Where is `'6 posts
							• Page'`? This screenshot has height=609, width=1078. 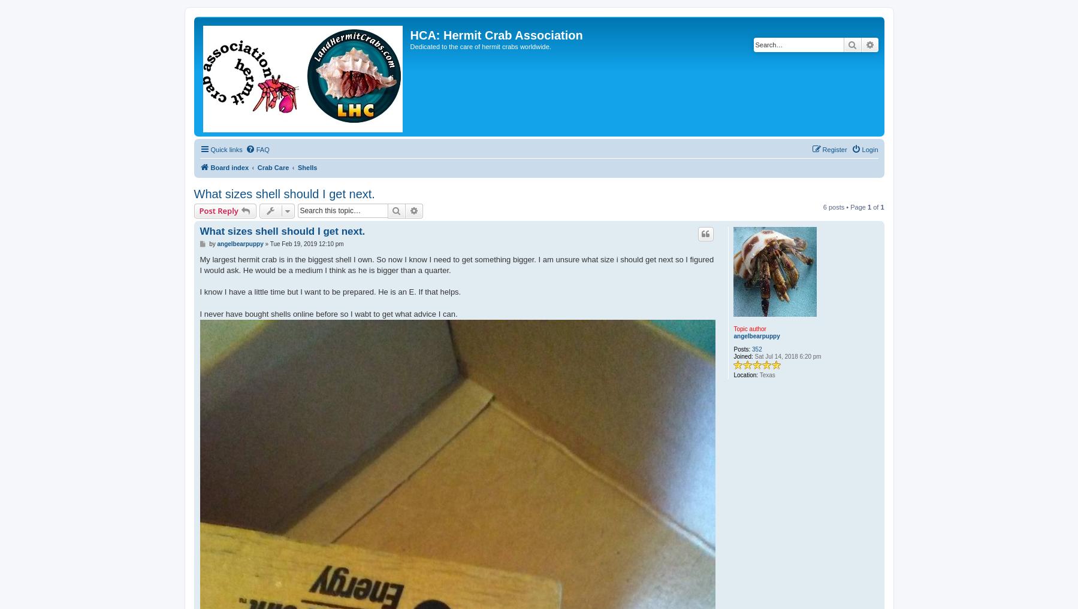 '6 posts
							• Page' is located at coordinates (844, 206).